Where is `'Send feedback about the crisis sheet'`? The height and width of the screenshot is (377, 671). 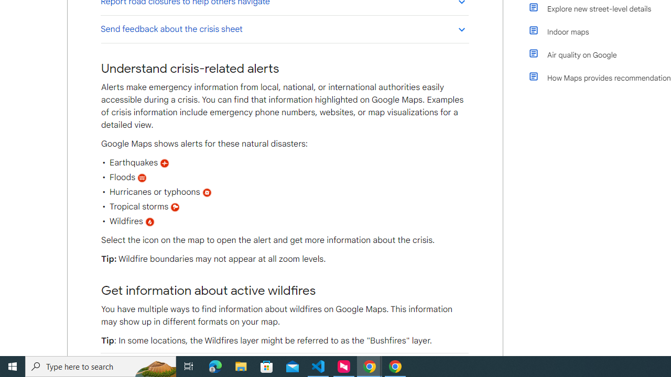 'Send feedback about the crisis sheet' is located at coordinates (284, 28).